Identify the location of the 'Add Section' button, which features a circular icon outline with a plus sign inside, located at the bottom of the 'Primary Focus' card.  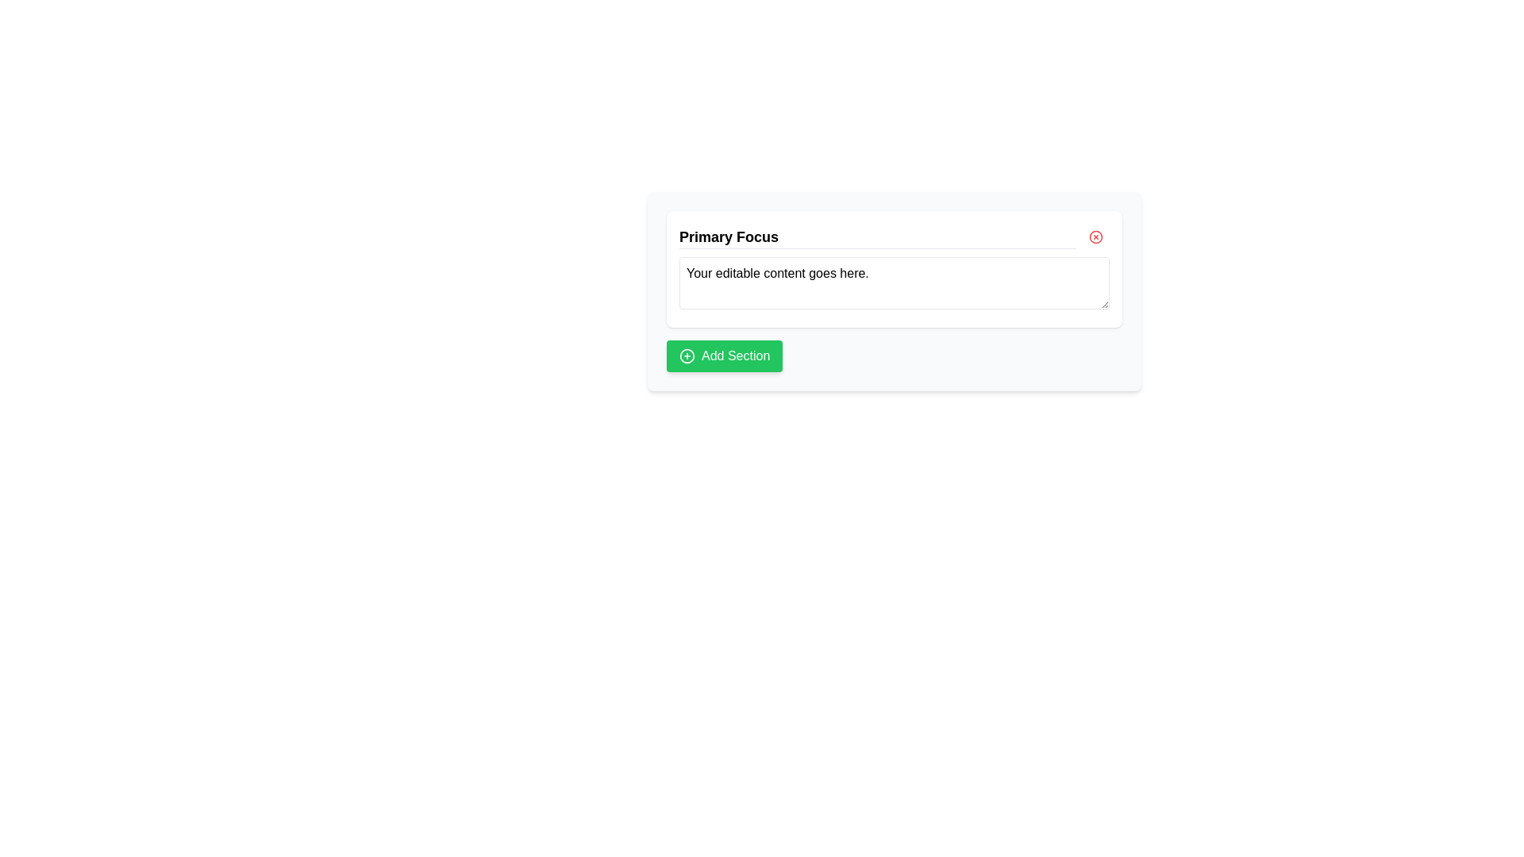
(687, 355).